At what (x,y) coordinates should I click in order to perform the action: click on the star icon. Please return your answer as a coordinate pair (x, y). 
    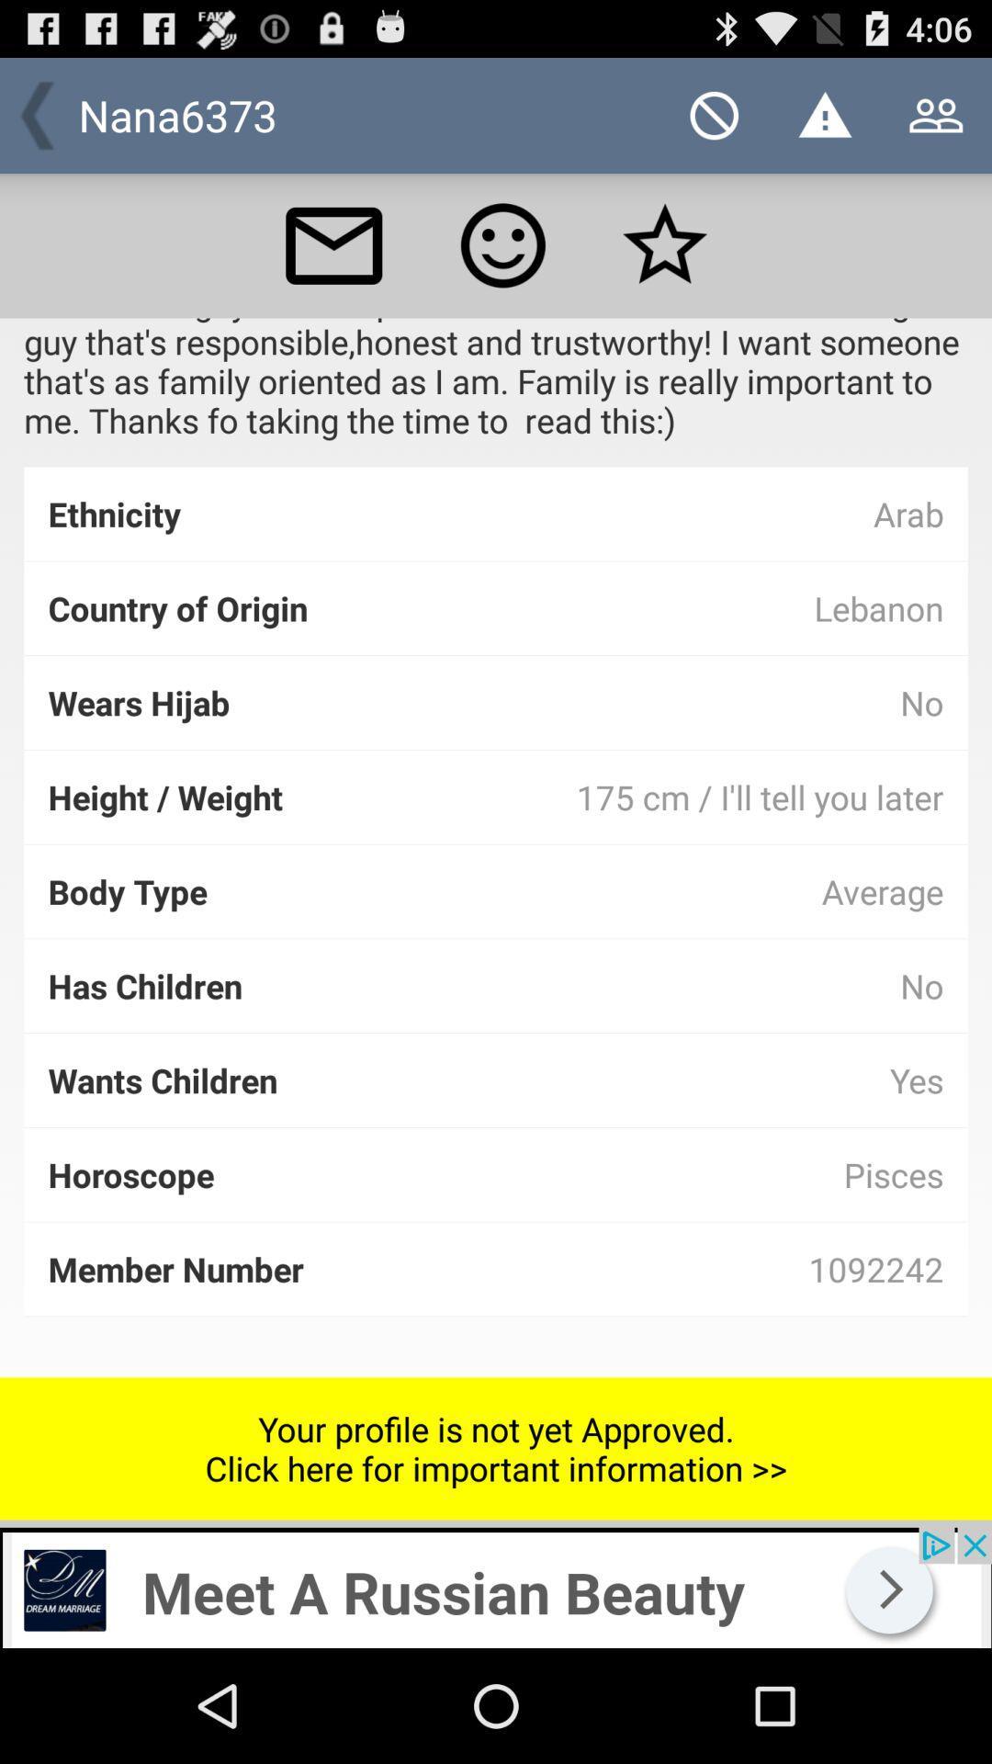
    Looking at the image, I should click on (665, 262).